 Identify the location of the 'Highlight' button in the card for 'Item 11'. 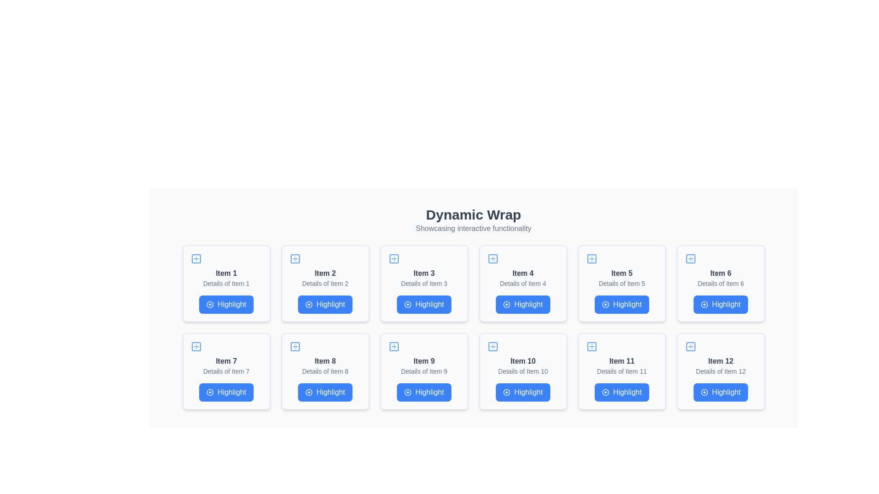
(622, 371).